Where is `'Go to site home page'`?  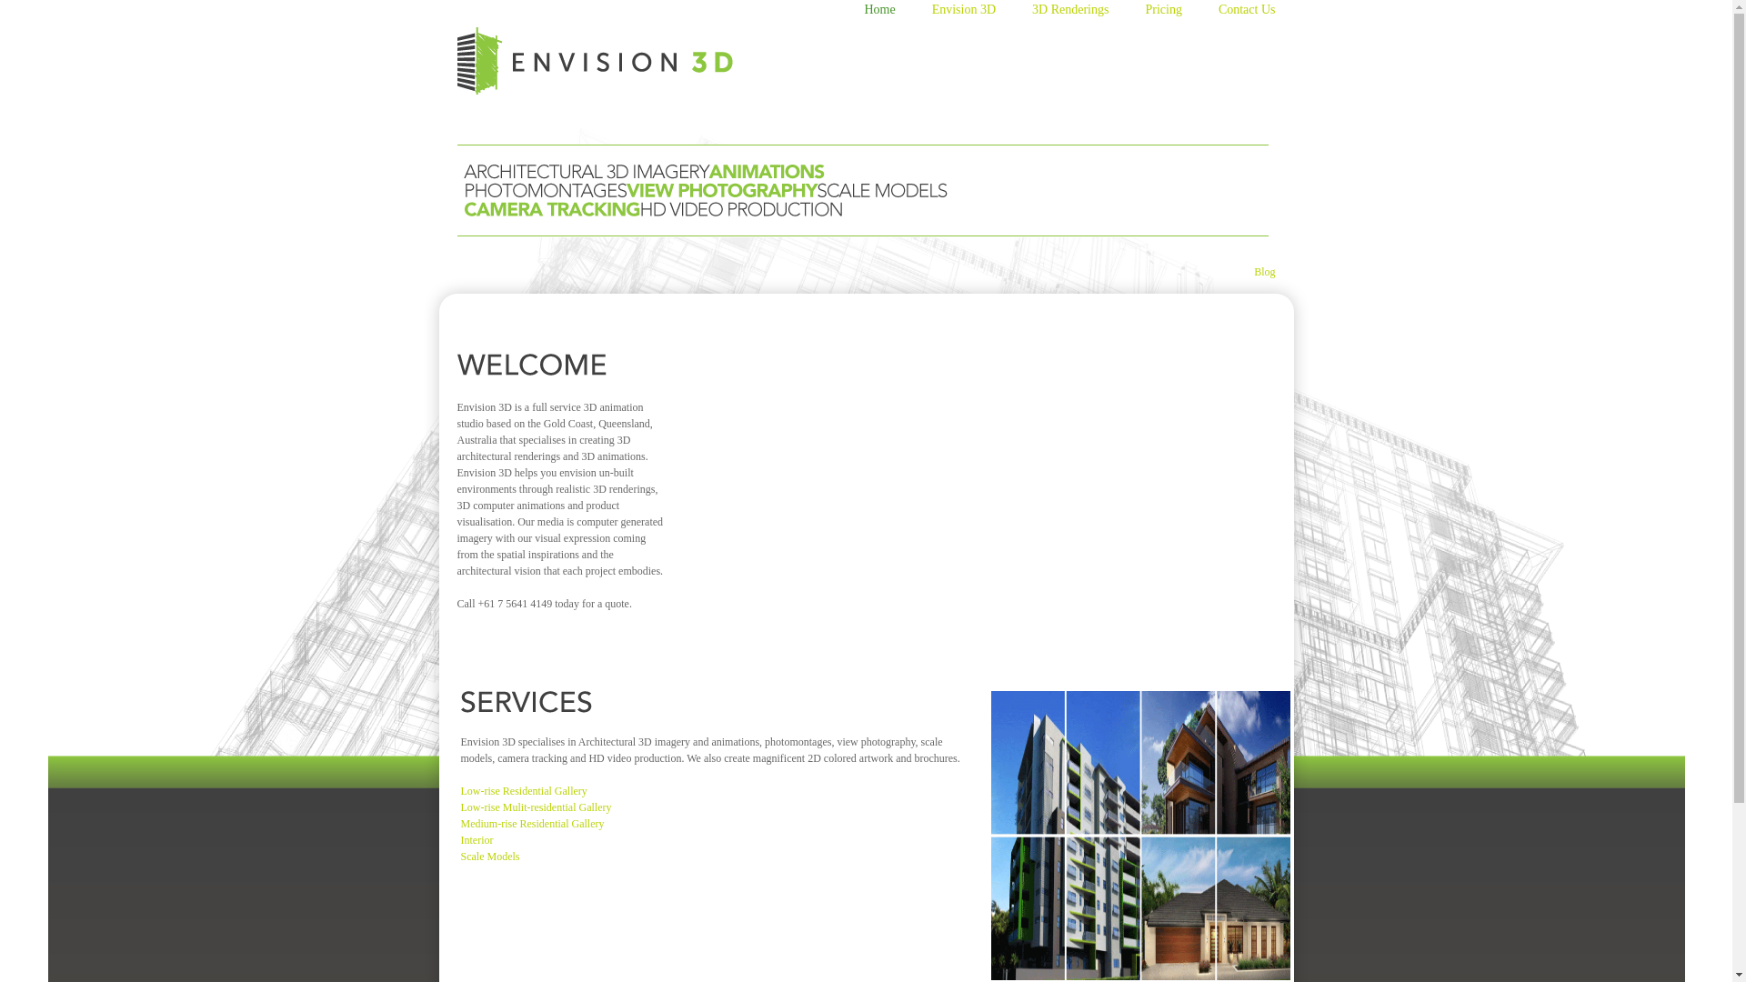 'Go to site home page' is located at coordinates (594, 59).